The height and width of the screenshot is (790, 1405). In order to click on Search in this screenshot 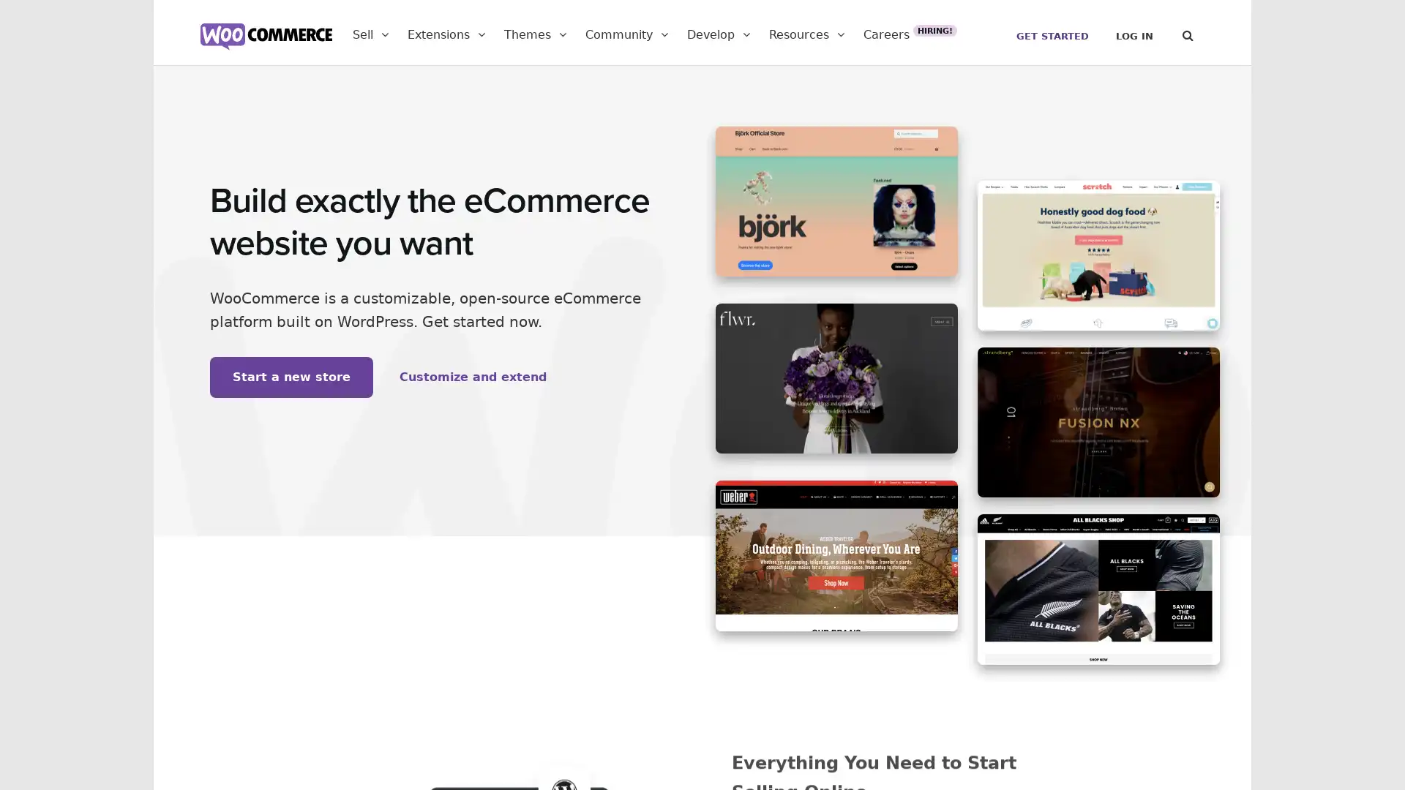, I will do `click(1188, 35)`.